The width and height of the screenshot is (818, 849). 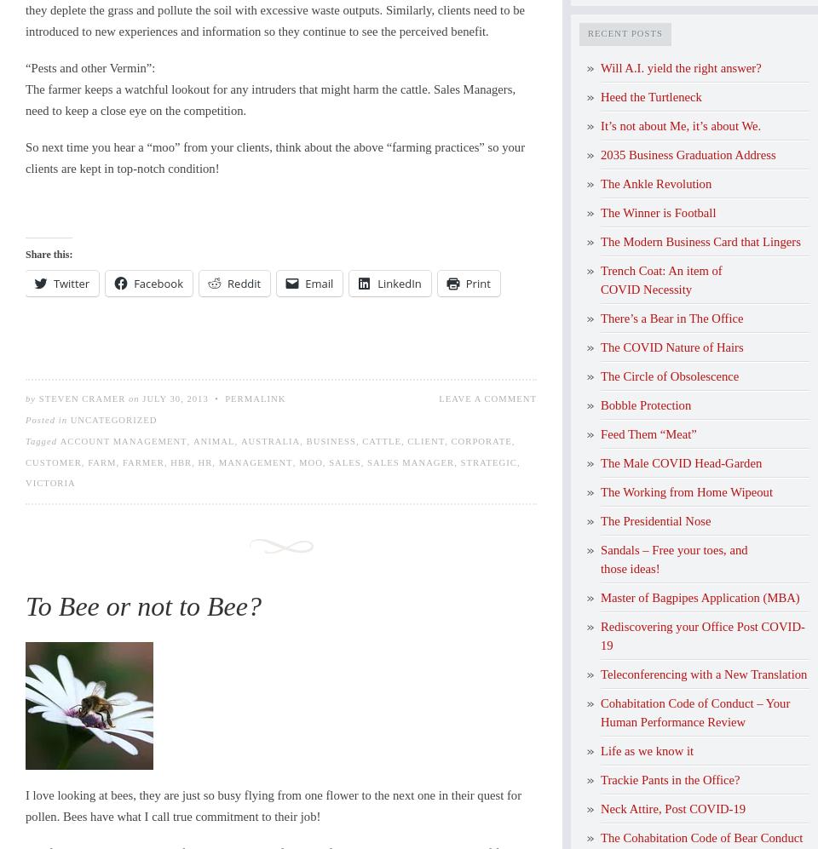 What do you see at coordinates (142, 605) in the screenshot?
I see `'To Bee or not to Bee?'` at bounding box center [142, 605].